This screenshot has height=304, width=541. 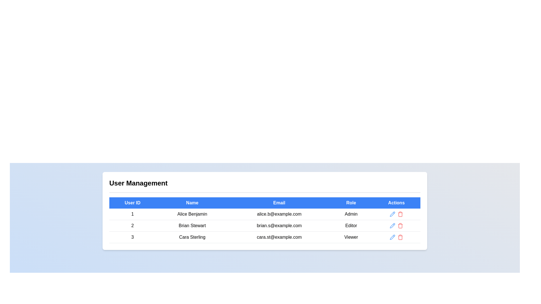 I want to click on the blue pencil icon in the 'Actions' column to initiate editing the first user's data, so click(x=392, y=214).